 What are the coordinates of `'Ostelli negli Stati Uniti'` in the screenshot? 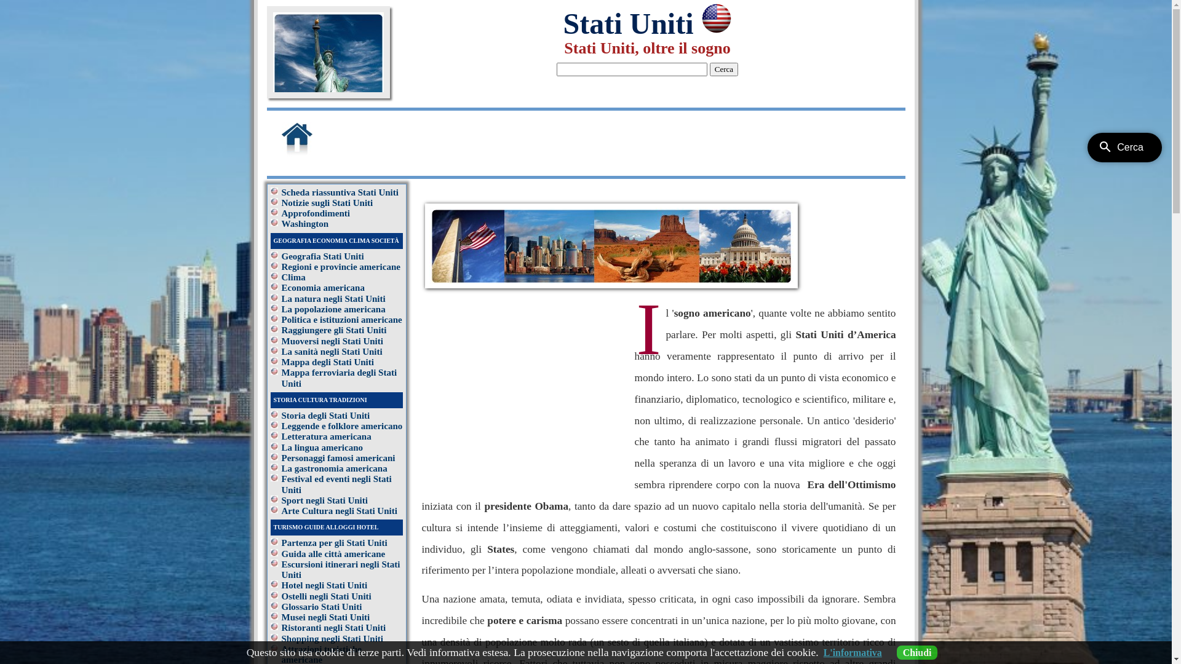 It's located at (280, 595).